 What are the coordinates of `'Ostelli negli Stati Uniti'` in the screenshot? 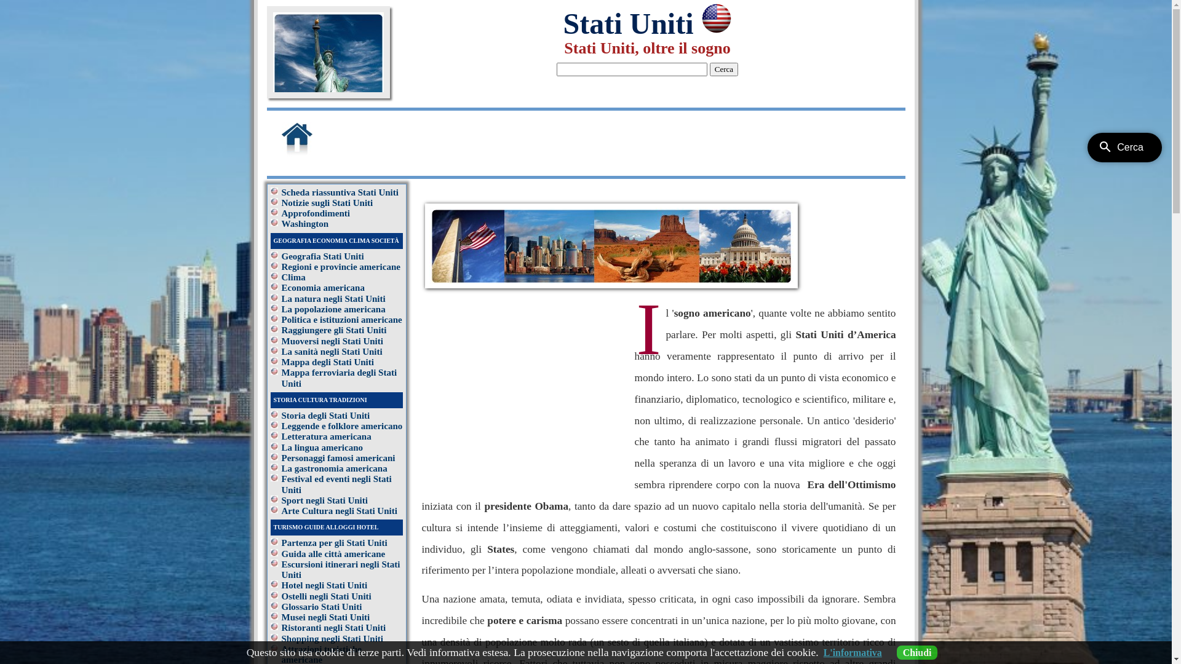 It's located at (280, 595).